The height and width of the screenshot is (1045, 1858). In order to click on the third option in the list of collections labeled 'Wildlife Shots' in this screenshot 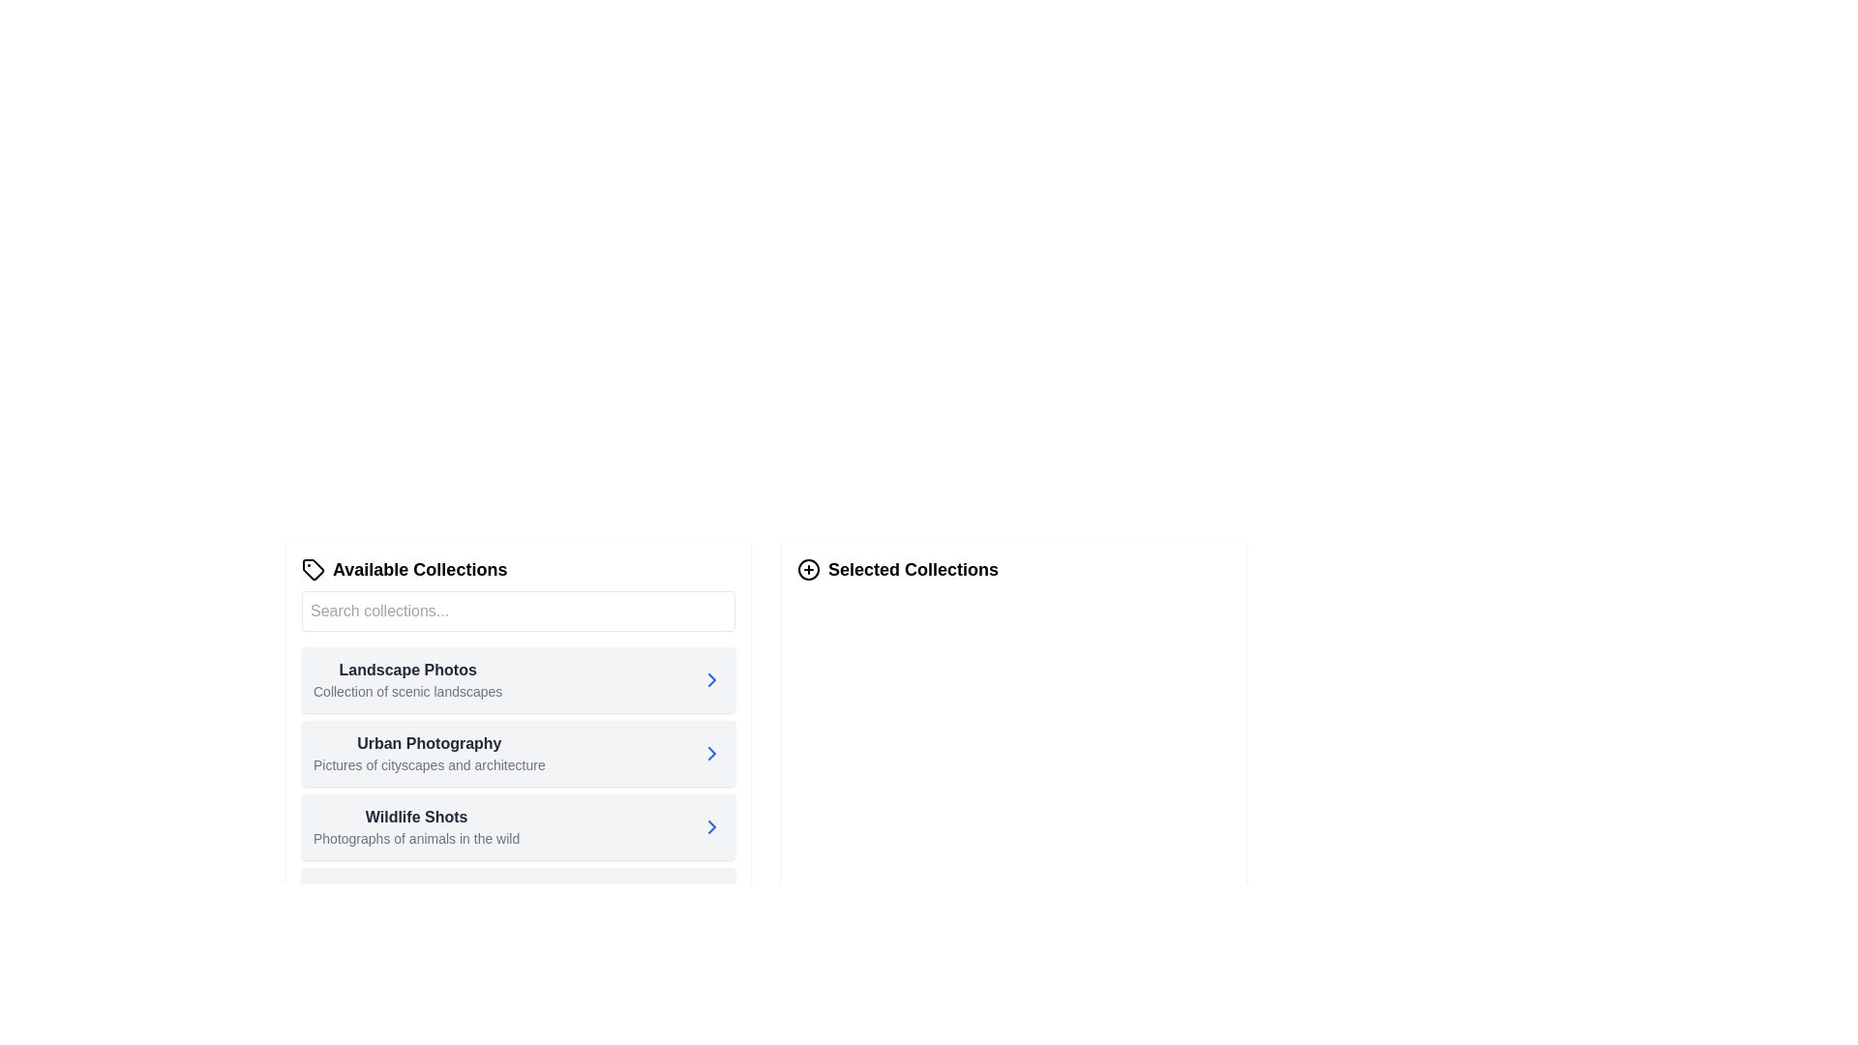, I will do `click(415, 827)`.